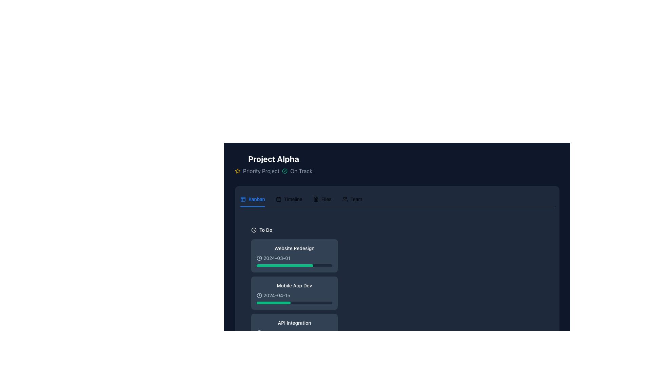 This screenshot has height=366, width=651. Describe the element at coordinates (289, 199) in the screenshot. I see `the 'Timeline' navigation tab` at that location.